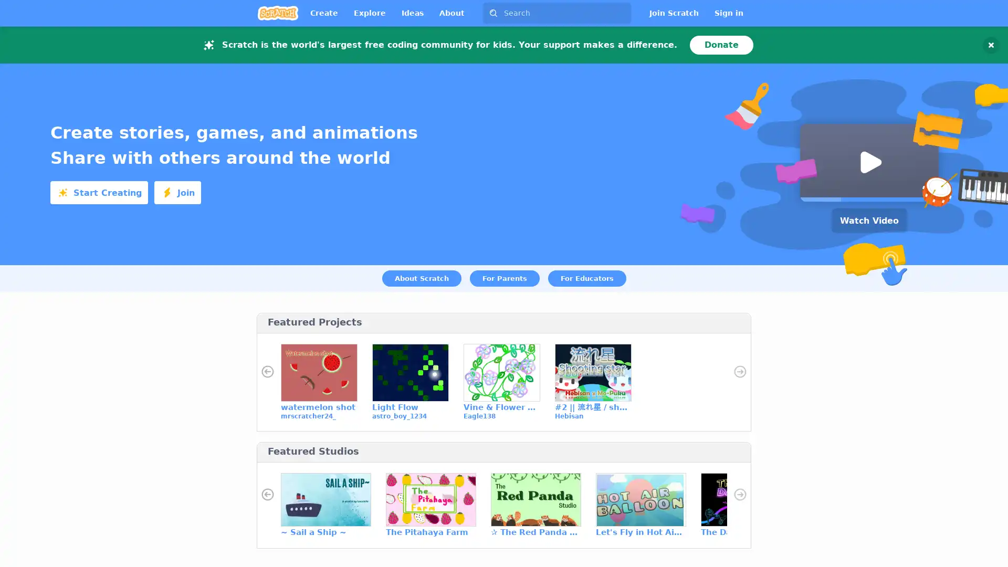 This screenshot has height=567, width=1008. I want to click on Next, so click(740, 494).